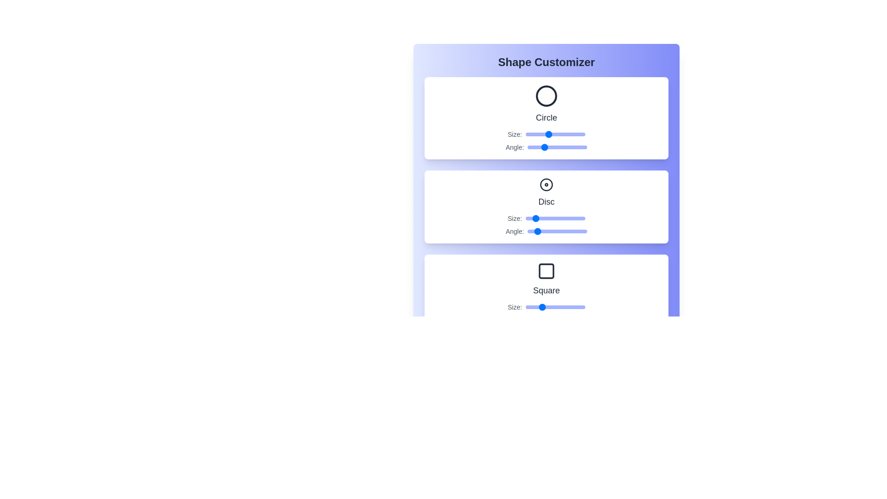  I want to click on the Circle size slider to 67, so click(560, 134).